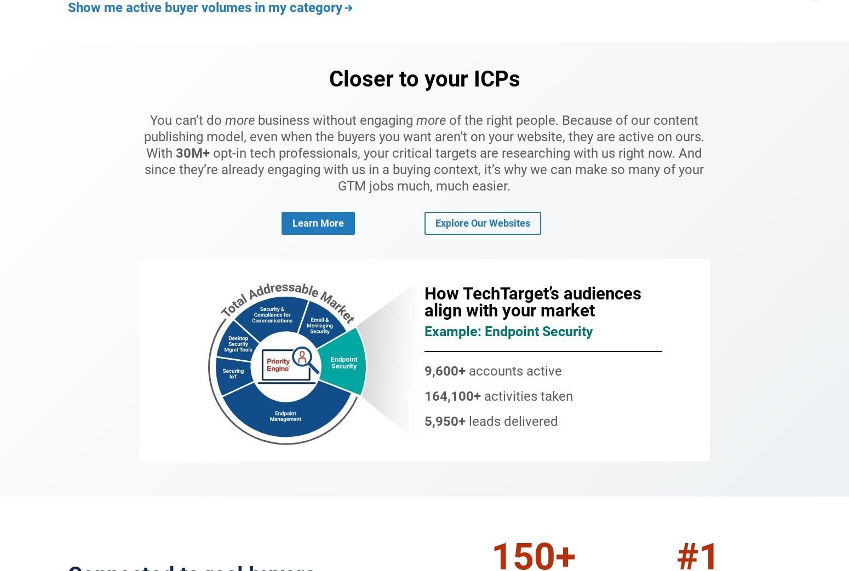  Describe the element at coordinates (187, 119) in the screenshot. I see `'You can’t do'` at that location.